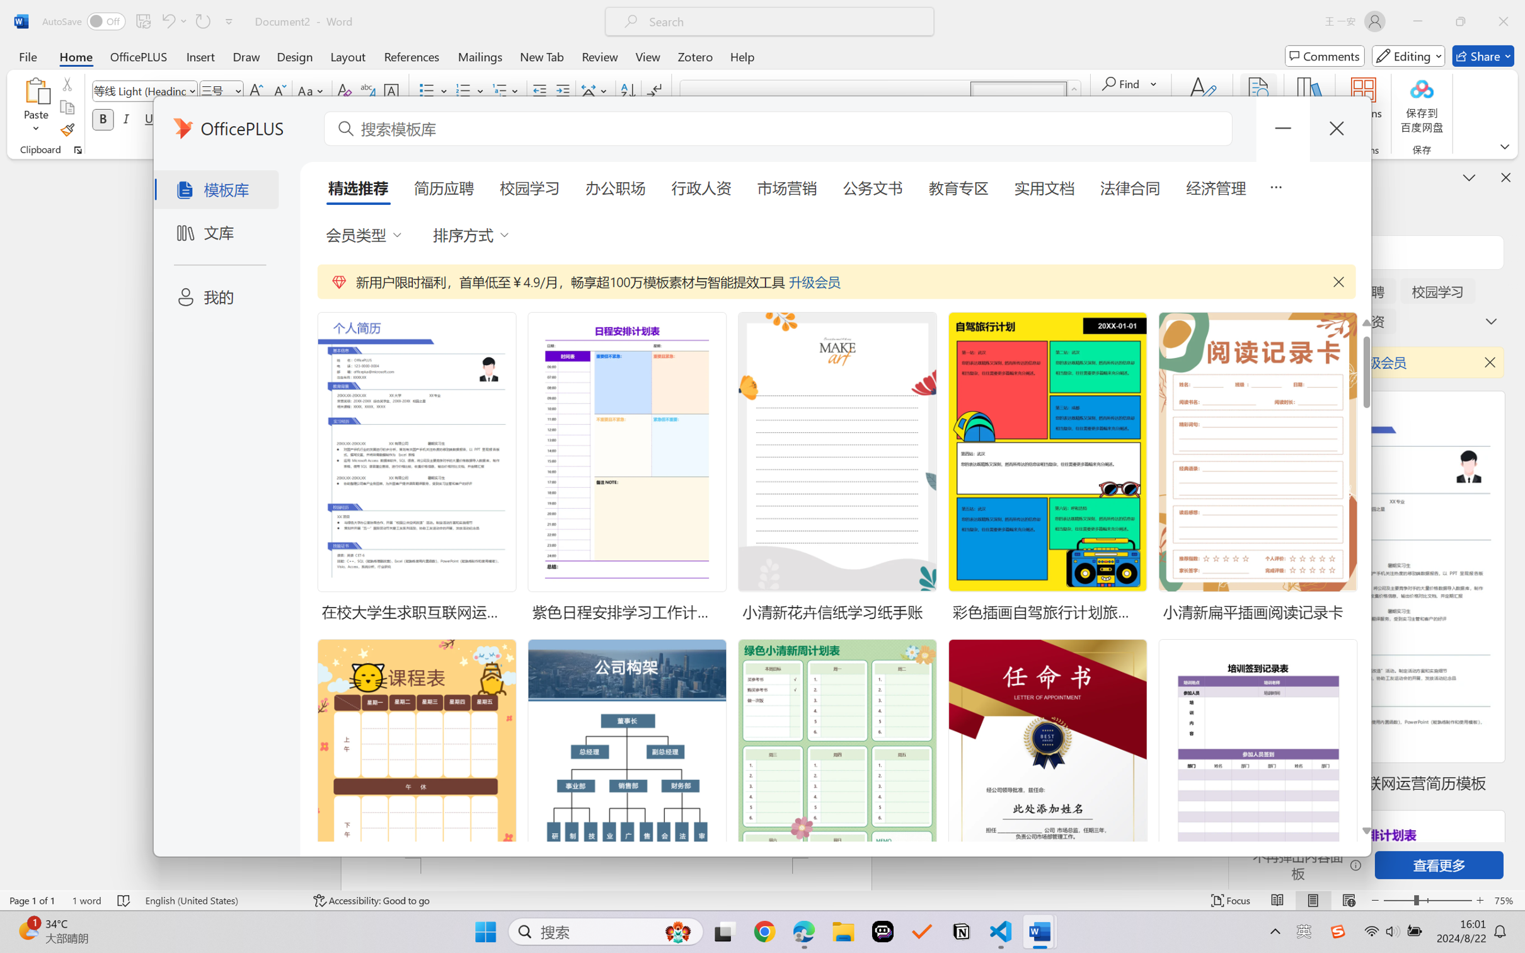 The height and width of the screenshot is (953, 1525). I want to click on 'References', so click(411, 55).